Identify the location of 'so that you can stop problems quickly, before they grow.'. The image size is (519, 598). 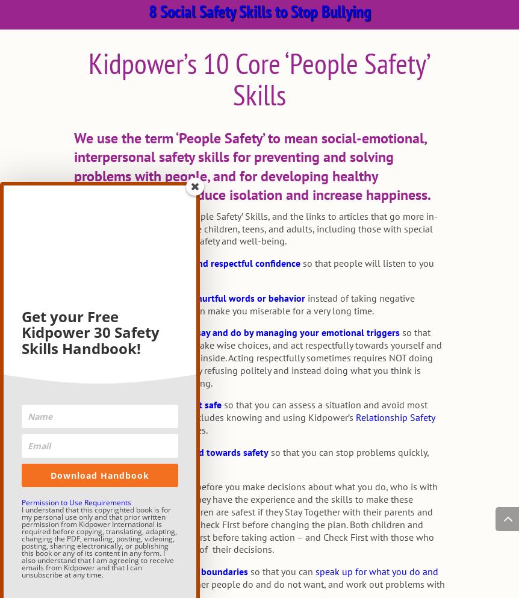
(72, 458).